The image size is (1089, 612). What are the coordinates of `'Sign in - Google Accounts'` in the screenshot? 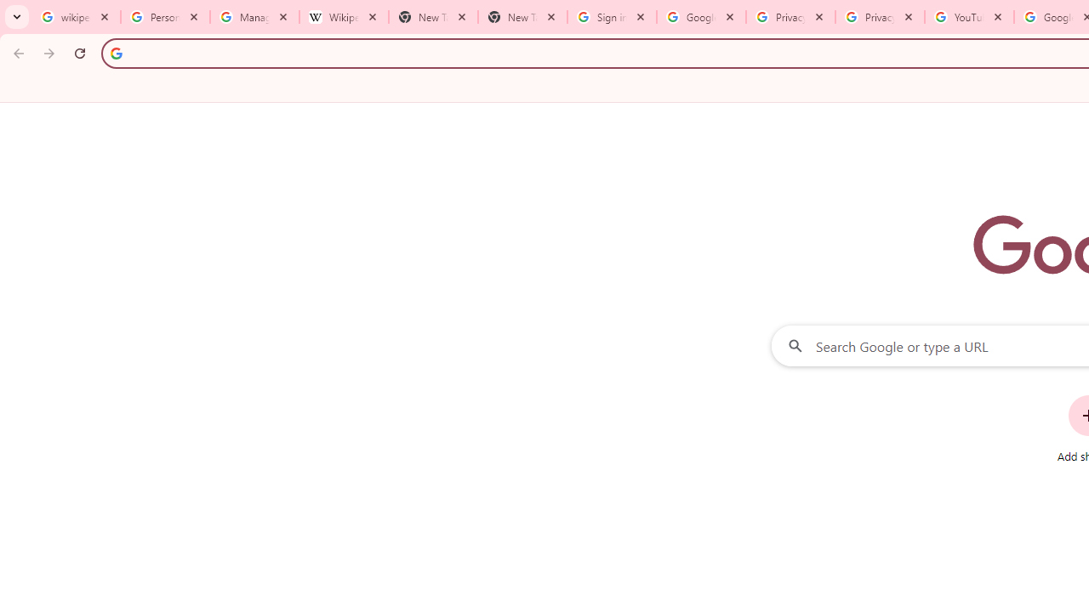 It's located at (612, 17).